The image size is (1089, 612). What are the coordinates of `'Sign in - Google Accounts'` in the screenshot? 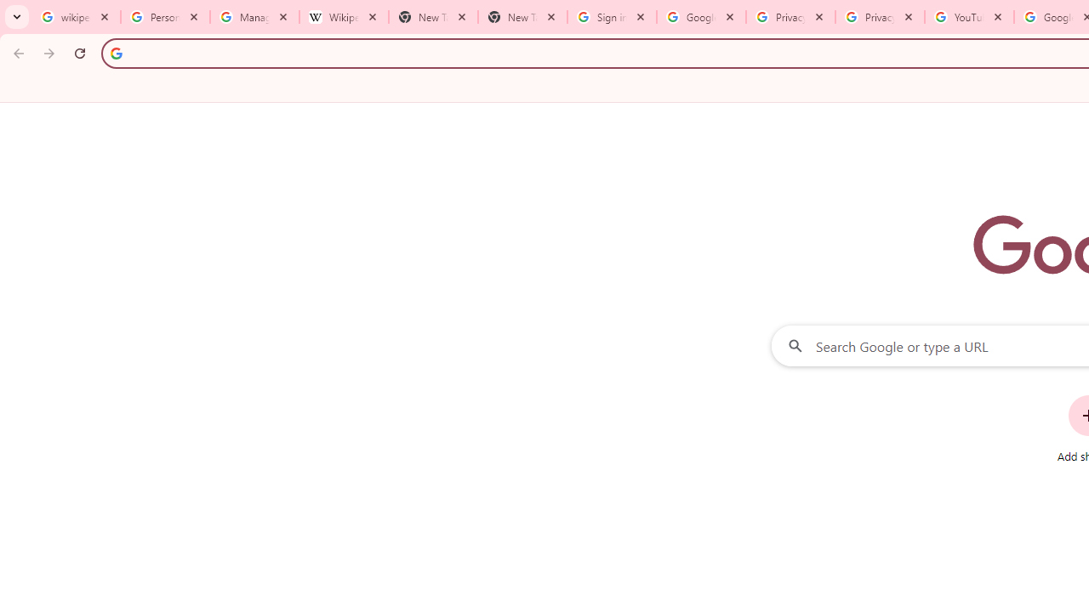 It's located at (612, 17).